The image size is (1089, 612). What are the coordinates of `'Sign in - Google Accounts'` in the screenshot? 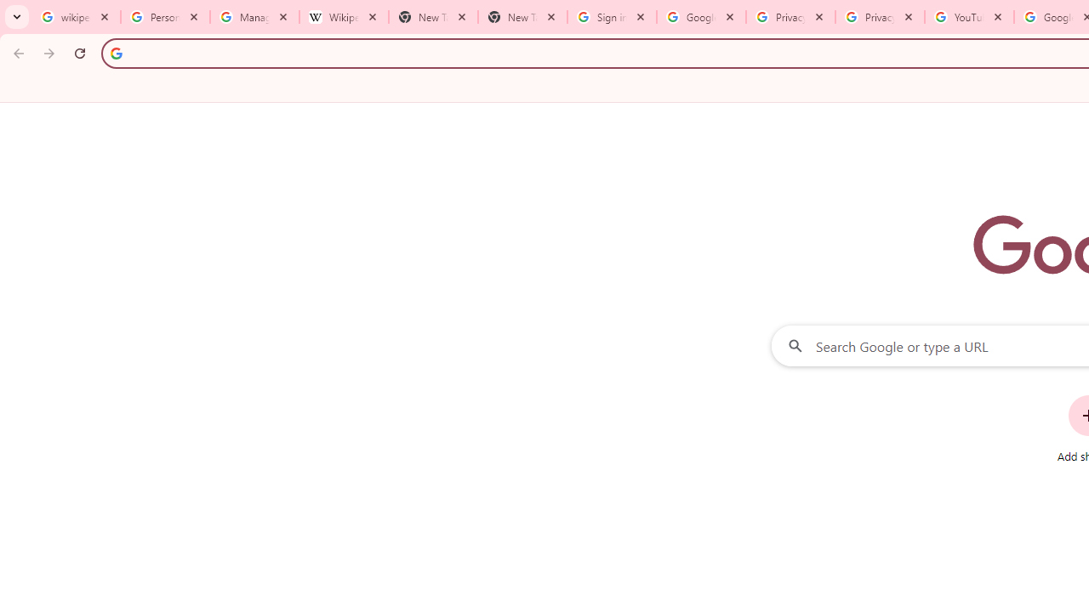 It's located at (612, 17).